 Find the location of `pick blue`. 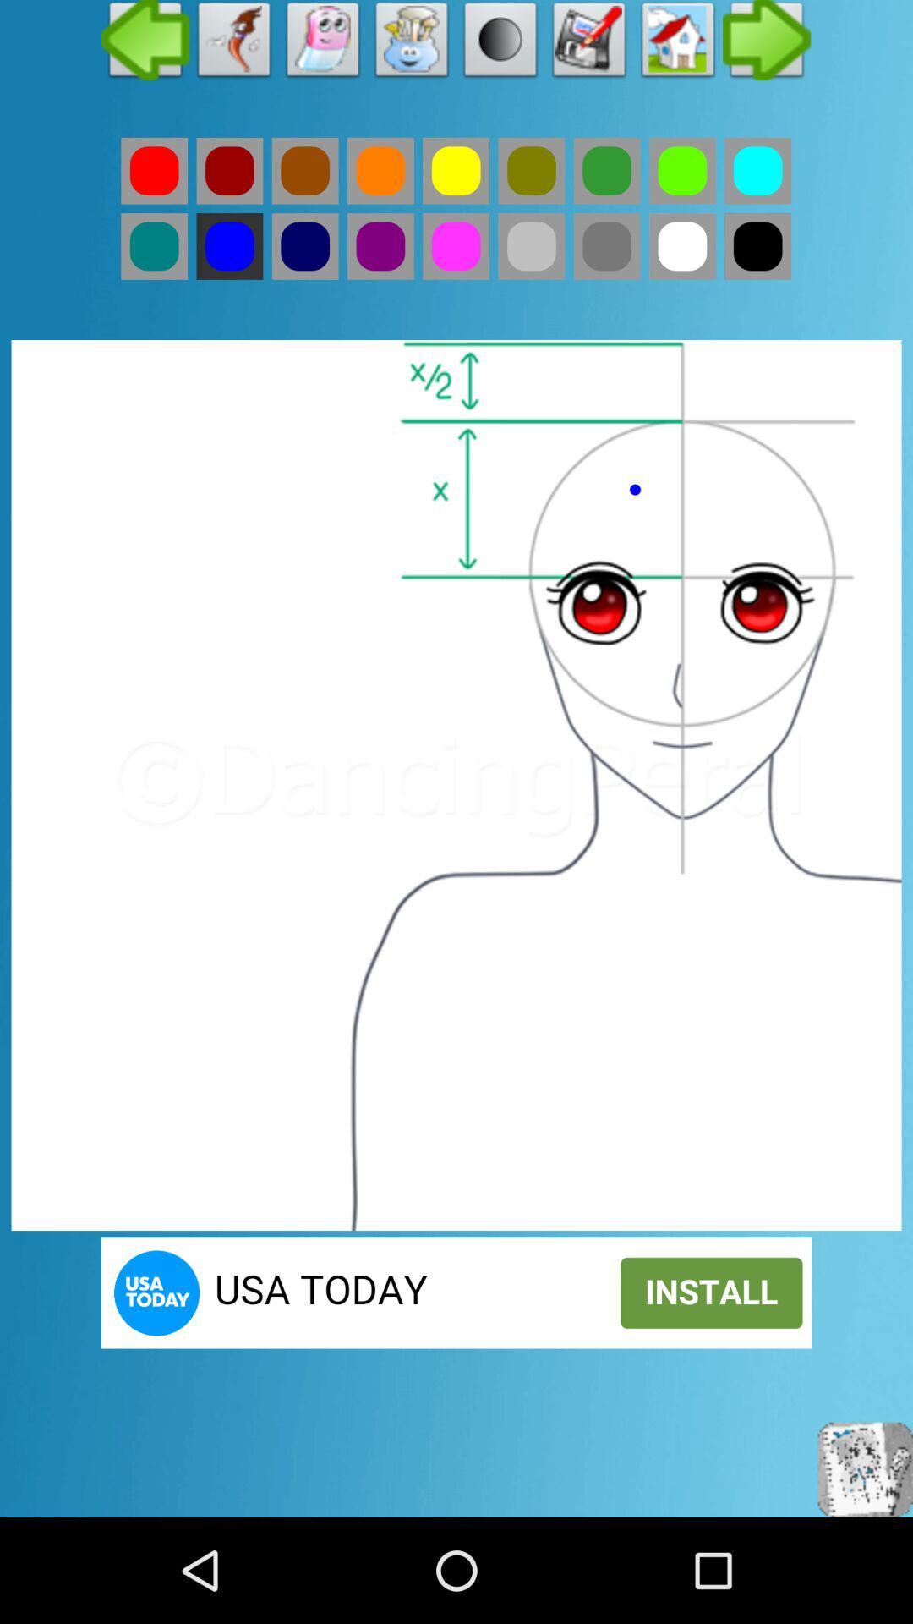

pick blue is located at coordinates (229, 245).